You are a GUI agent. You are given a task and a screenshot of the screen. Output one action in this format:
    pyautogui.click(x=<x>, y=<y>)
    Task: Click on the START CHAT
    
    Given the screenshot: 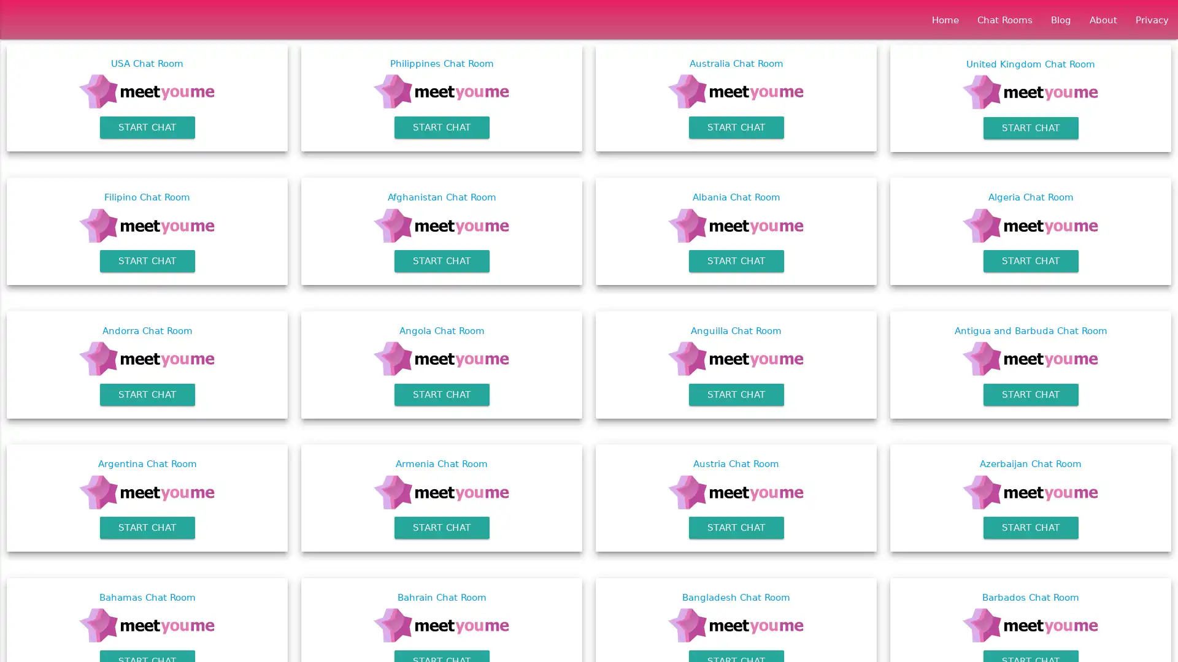 What is the action you would take?
    pyautogui.click(x=1030, y=527)
    